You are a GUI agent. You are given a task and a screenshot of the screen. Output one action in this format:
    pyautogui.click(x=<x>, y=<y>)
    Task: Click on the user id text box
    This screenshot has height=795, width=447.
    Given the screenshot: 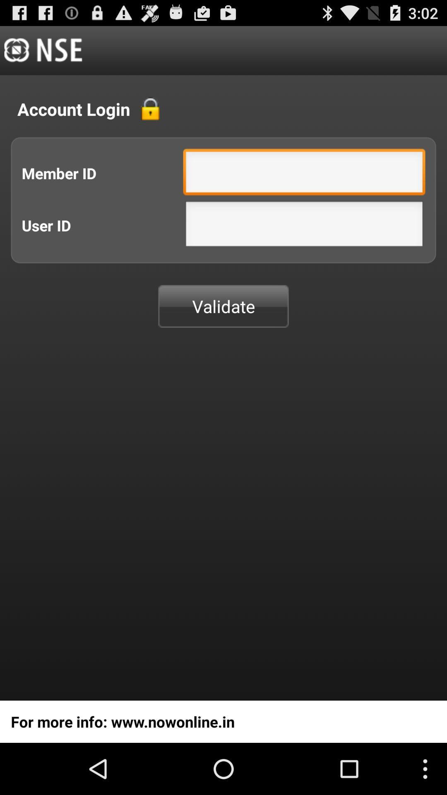 What is the action you would take?
    pyautogui.click(x=304, y=226)
    